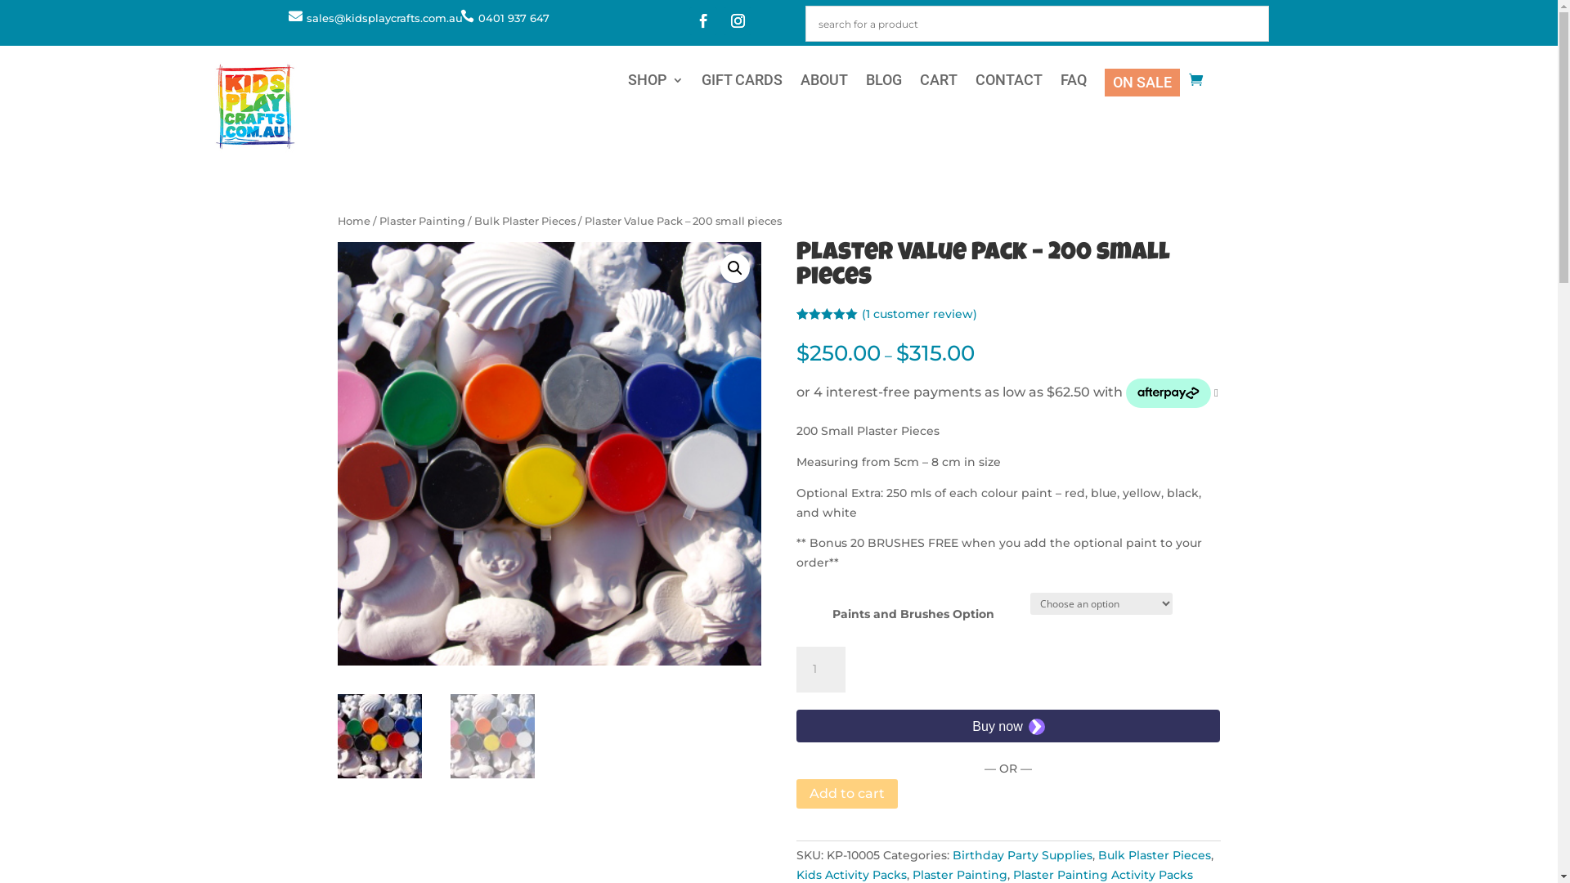  Describe the element at coordinates (1141, 82) in the screenshot. I see `'ON SALE'` at that location.